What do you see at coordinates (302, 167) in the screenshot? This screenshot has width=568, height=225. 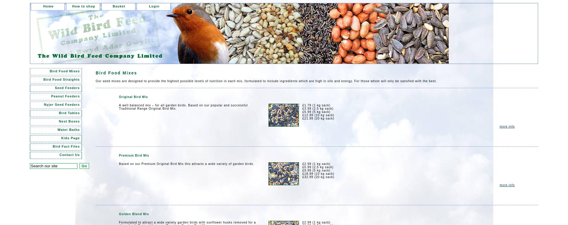 I see `'£5.99 (2.5 kg sack)'` at bounding box center [302, 167].